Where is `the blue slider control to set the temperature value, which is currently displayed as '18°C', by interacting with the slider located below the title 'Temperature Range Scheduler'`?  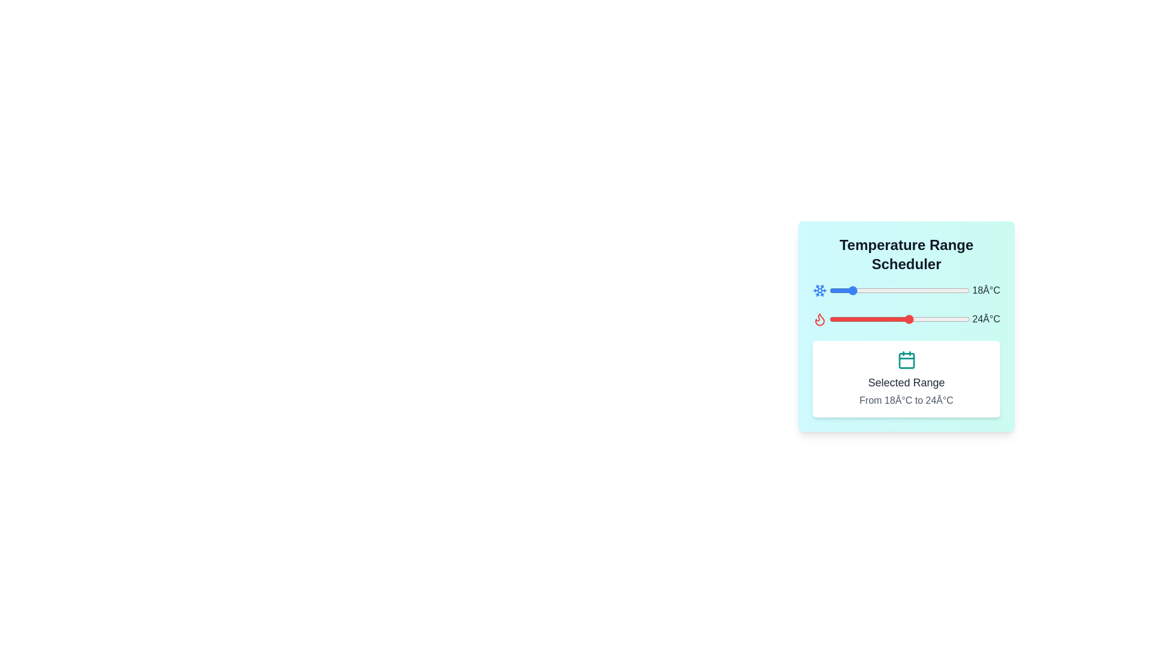
the blue slider control to set the temperature value, which is currently displayed as '18°C', by interacting with the slider located below the title 'Temperature Range Scheduler' is located at coordinates (900, 291).